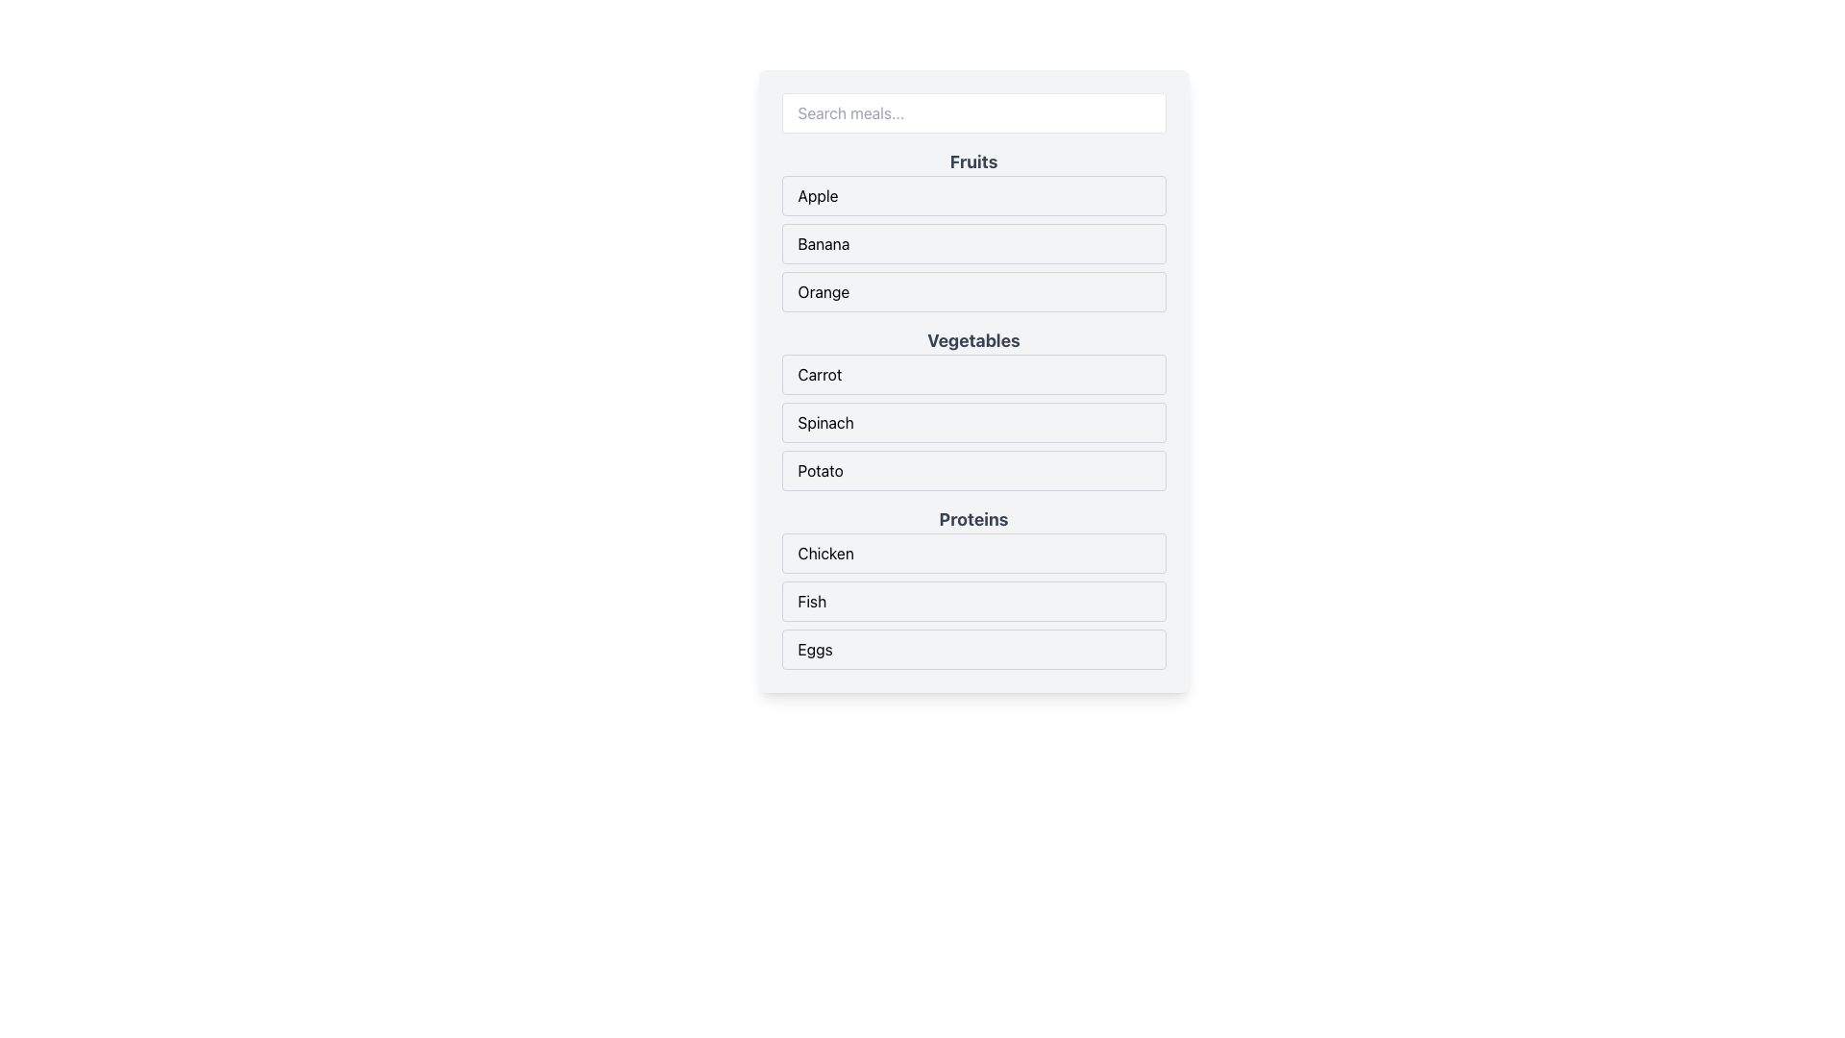 Image resolution: width=1845 pixels, height=1038 pixels. Describe the element at coordinates (820, 374) in the screenshot. I see `the 'Carrot' label located in the first entry of the 'Vegetables' section` at that location.